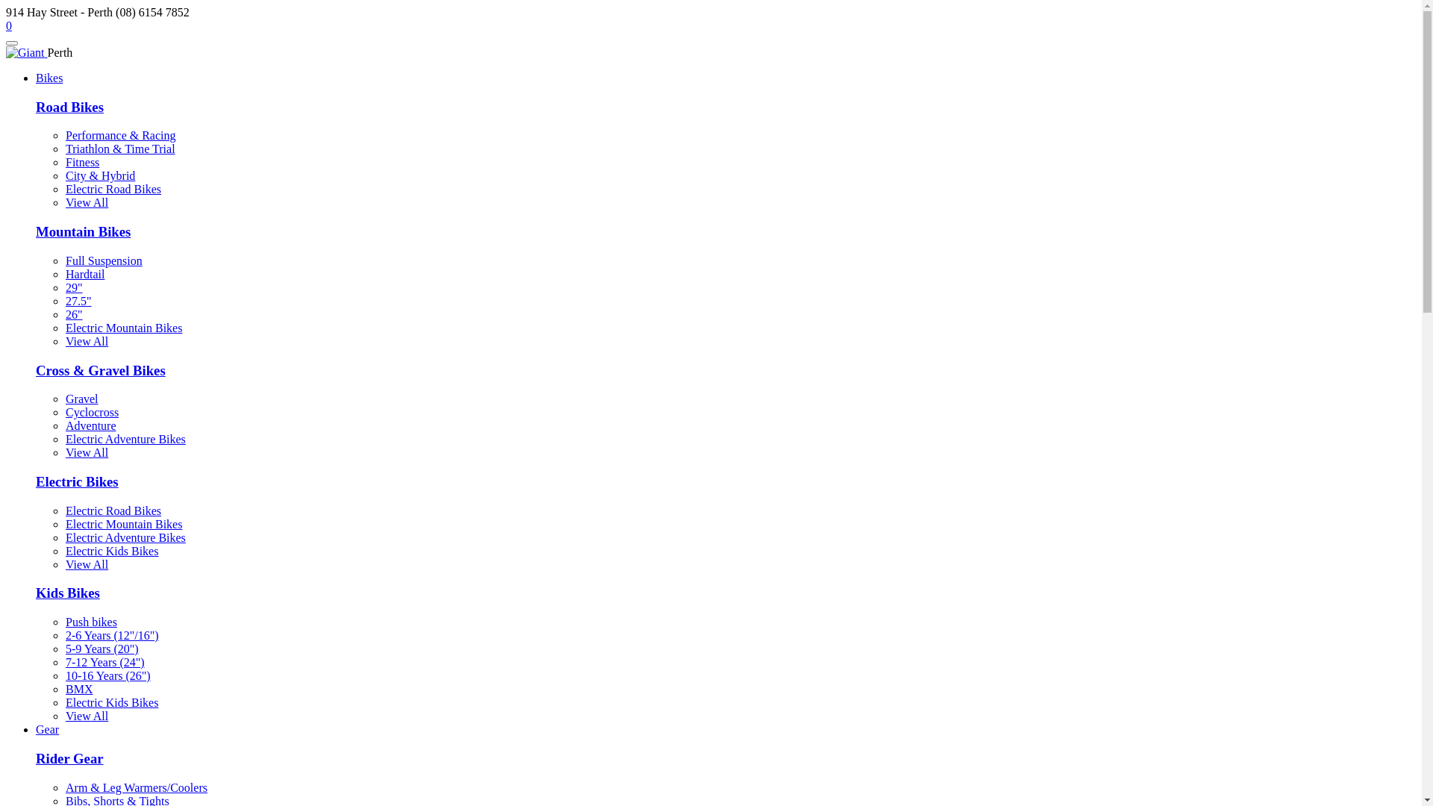 The width and height of the screenshot is (1433, 806). I want to click on 'Electric Mountain Bikes', so click(124, 523).